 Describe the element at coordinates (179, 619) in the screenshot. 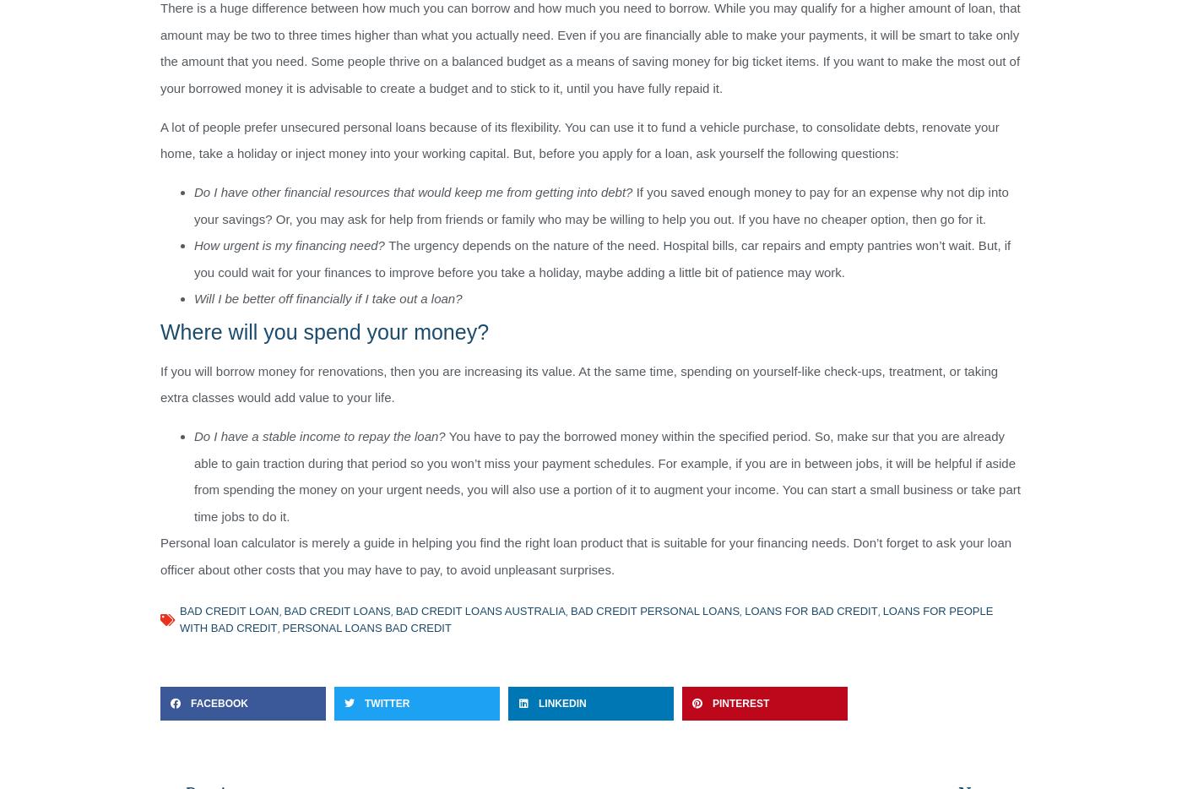

I see `'loans for people with bad credit'` at that location.